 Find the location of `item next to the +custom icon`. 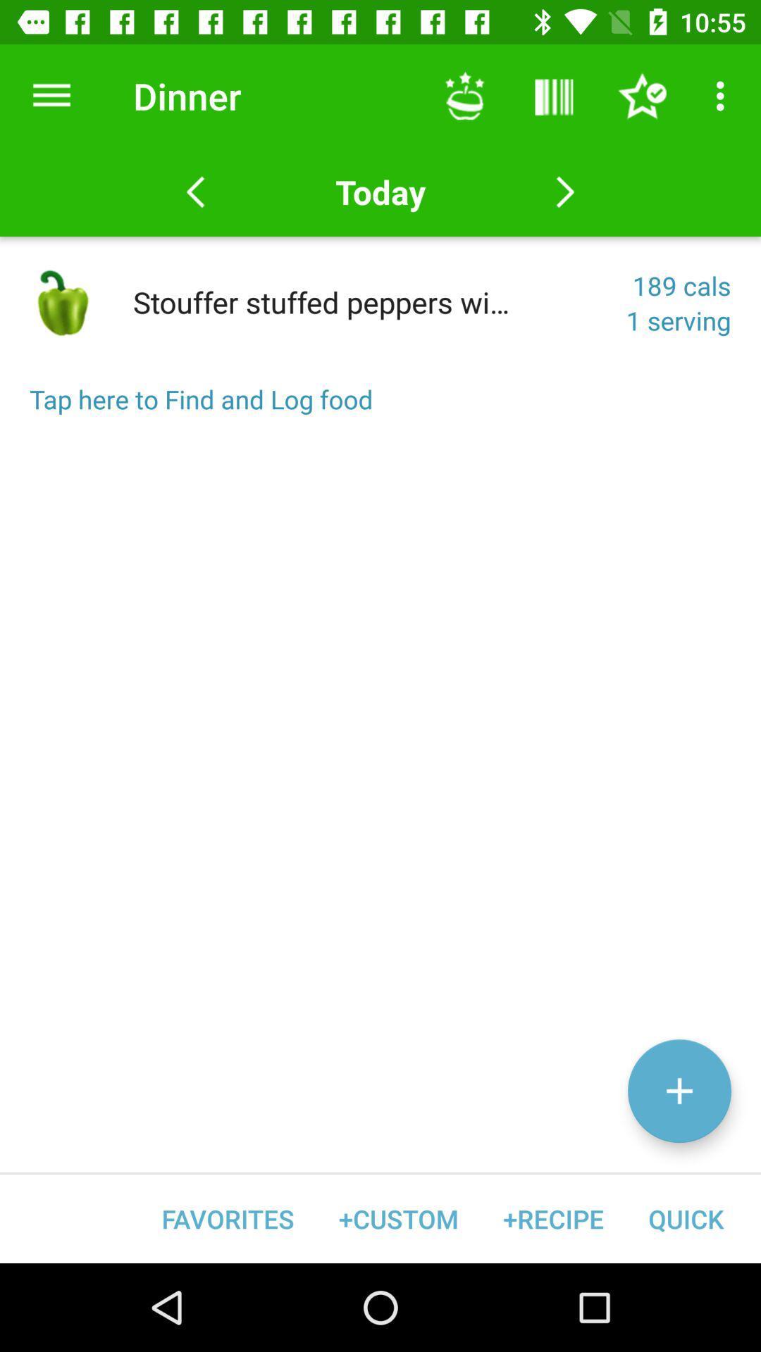

item next to the +custom icon is located at coordinates (227, 1218).